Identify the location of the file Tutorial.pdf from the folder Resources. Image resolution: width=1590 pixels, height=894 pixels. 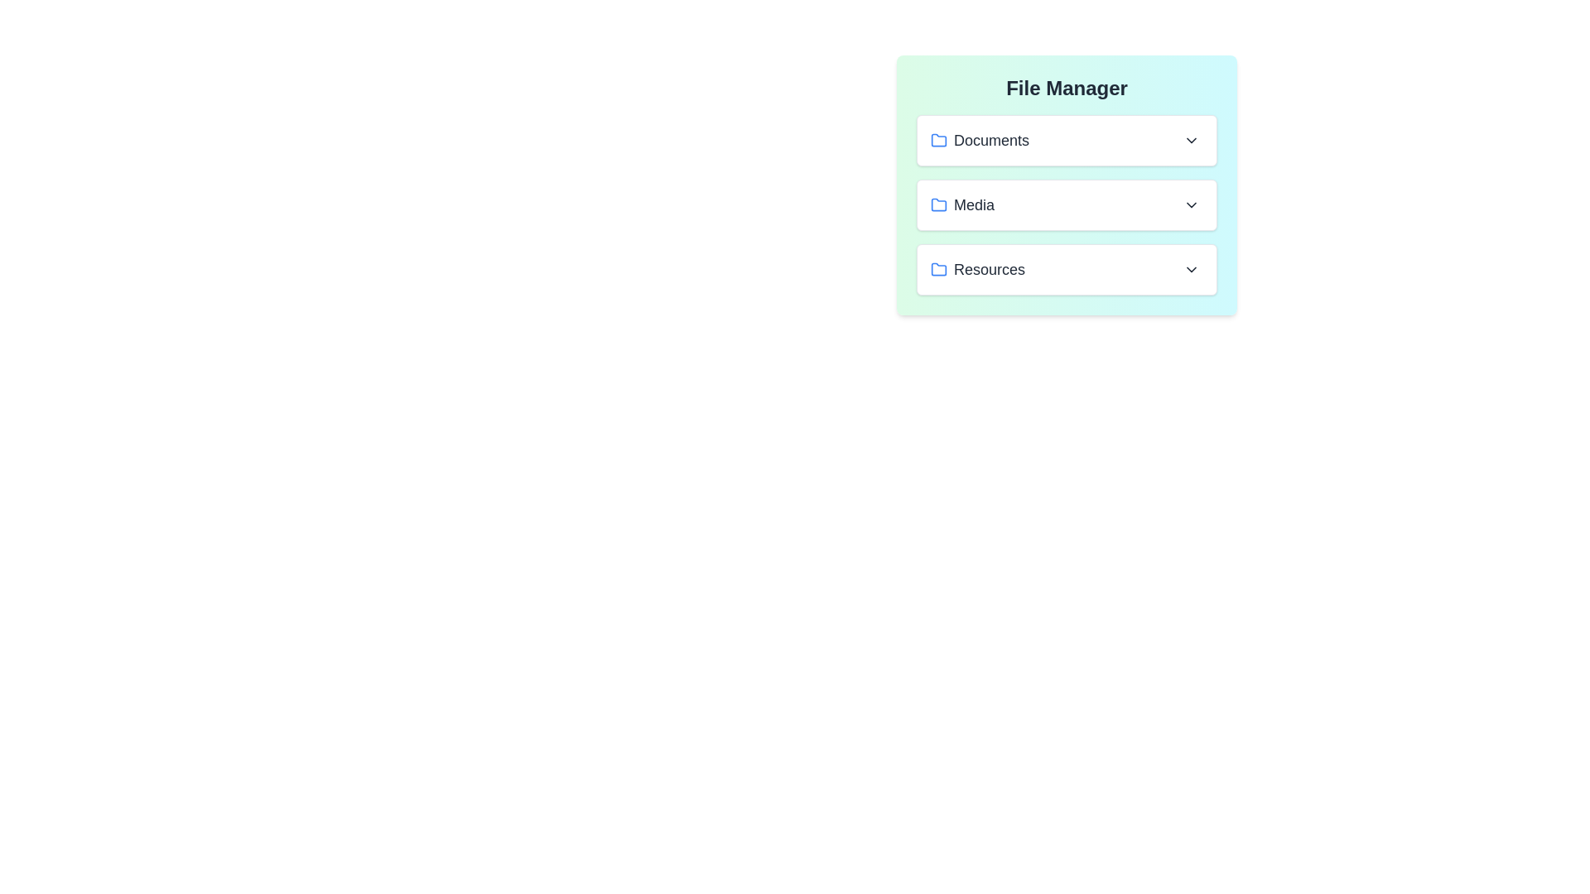
(1067, 269).